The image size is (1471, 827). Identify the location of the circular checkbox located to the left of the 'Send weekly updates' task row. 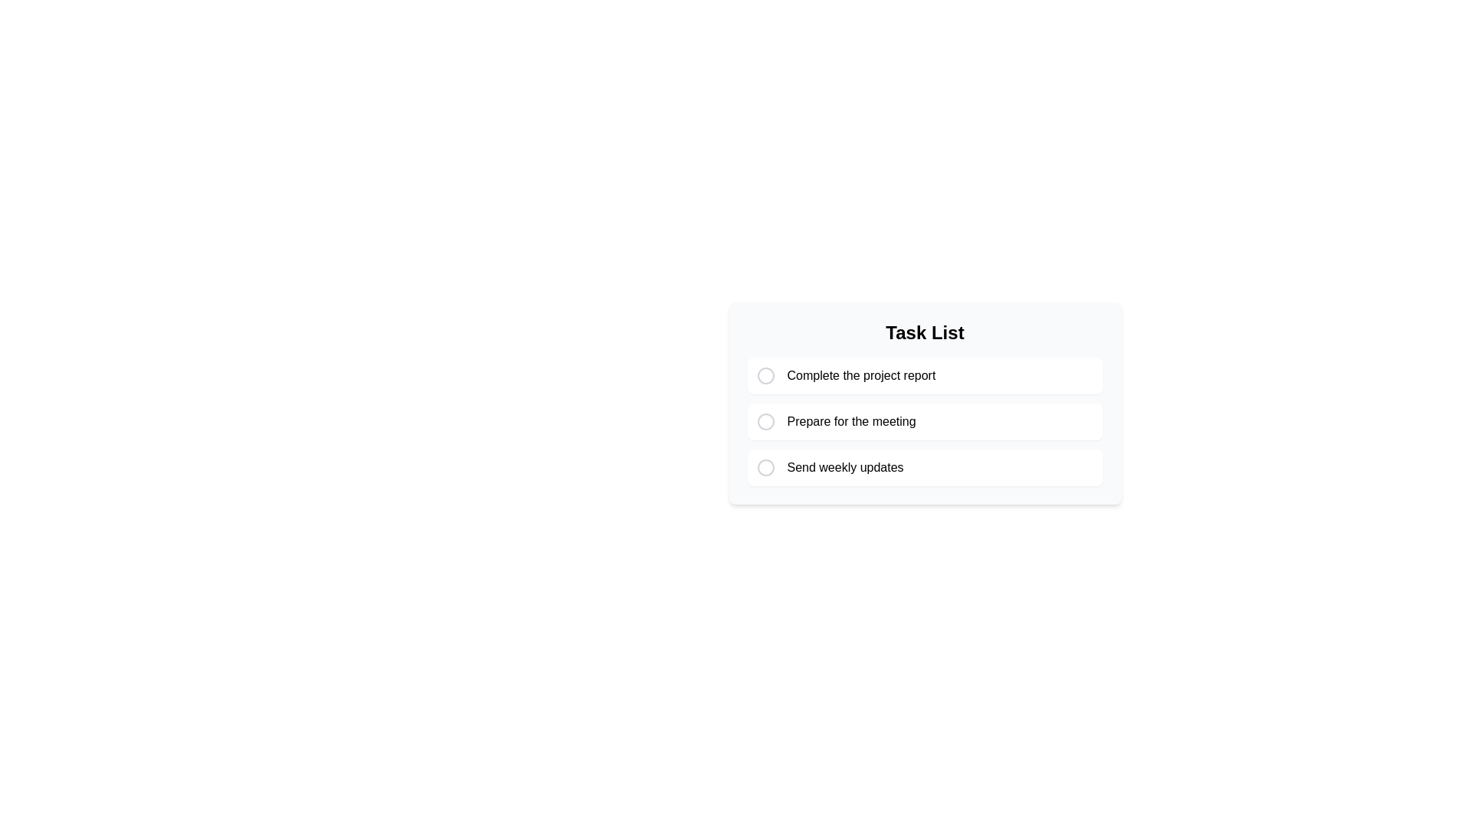
(765, 466).